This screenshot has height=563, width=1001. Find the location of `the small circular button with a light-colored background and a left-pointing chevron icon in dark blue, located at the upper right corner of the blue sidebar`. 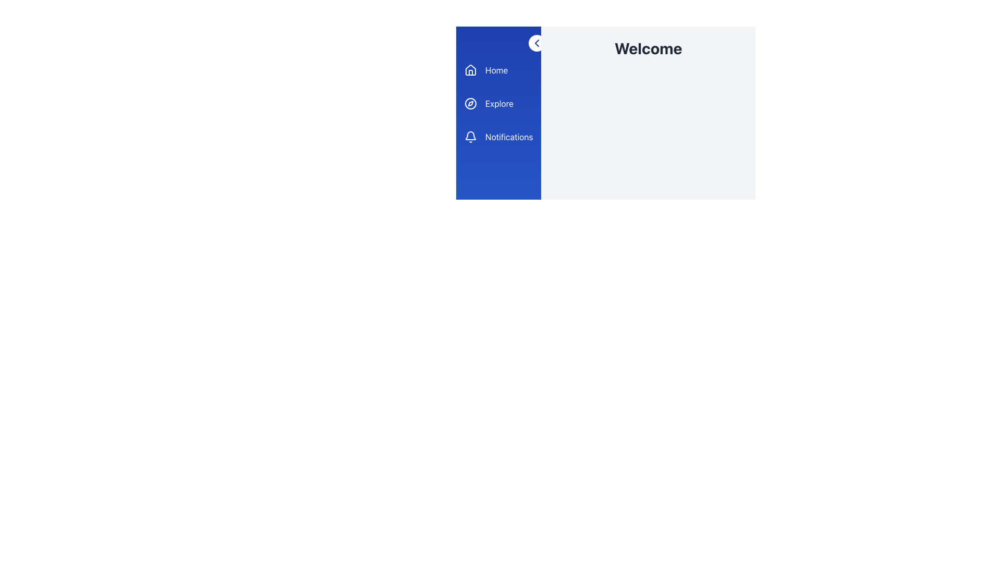

the small circular button with a light-colored background and a left-pointing chevron icon in dark blue, located at the upper right corner of the blue sidebar is located at coordinates (537, 43).